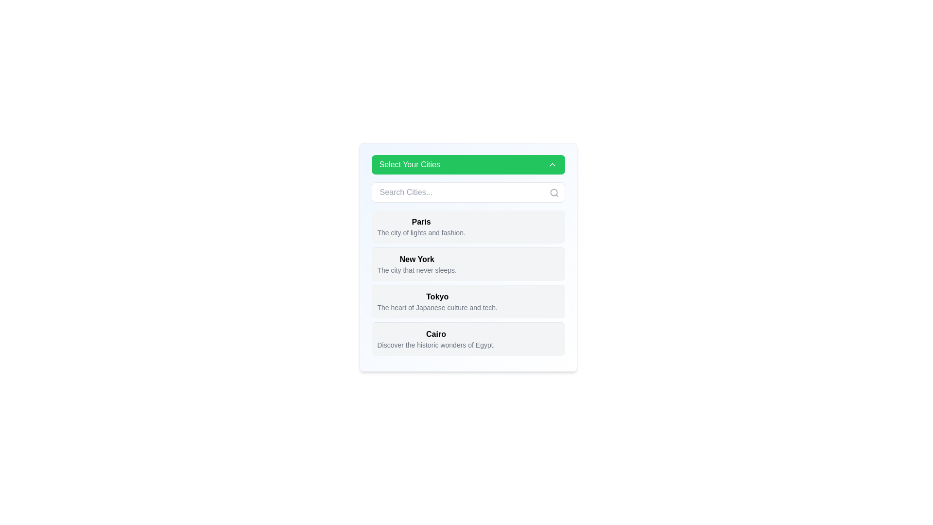 This screenshot has width=933, height=525. What do you see at coordinates (417, 259) in the screenshot?
I see `the area surrounding the 'New York' text label, which serves as a title in a dropdown menu` at bounding box center [417, 259].